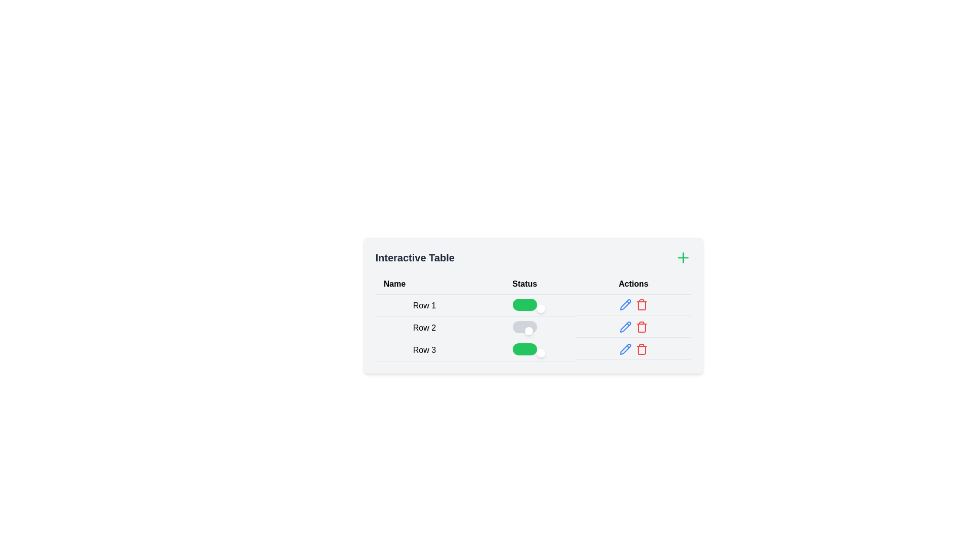  What do you see at coordinates (625, 304) in the screenshot?
I see `the pencil icon with a blue outline located in the second row of the 'Actions' column, which is the first icon in the set` at bounding box center [625, 304].